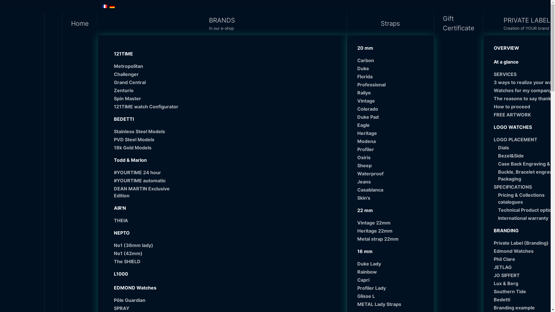 This screenshot has height=312, width=555. Describe the element at coordinates (357, 92) in the screenshot. I see `'Rallye'` at that location.